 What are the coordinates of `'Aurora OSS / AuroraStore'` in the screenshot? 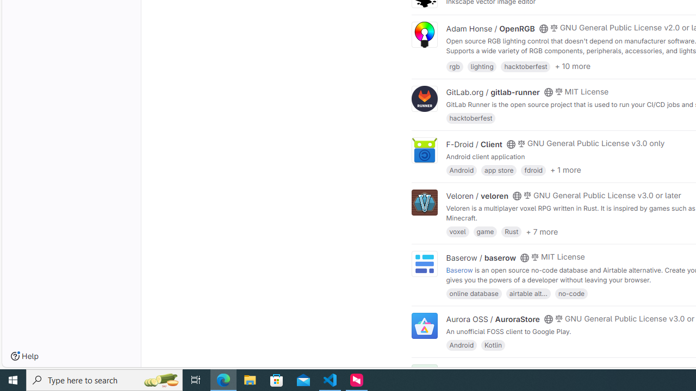 It's located at (492, 318).